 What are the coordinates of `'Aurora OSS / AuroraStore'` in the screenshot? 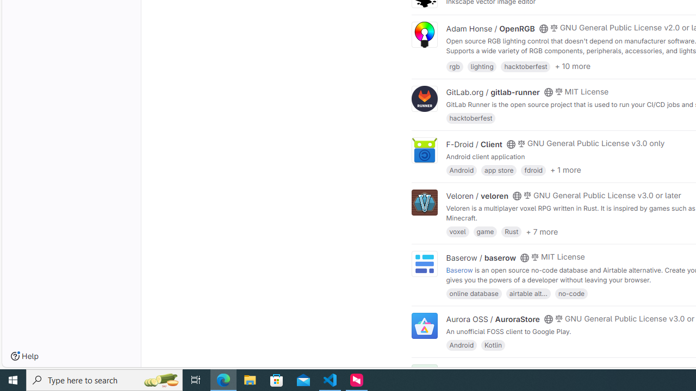 It's located at (492, 318).